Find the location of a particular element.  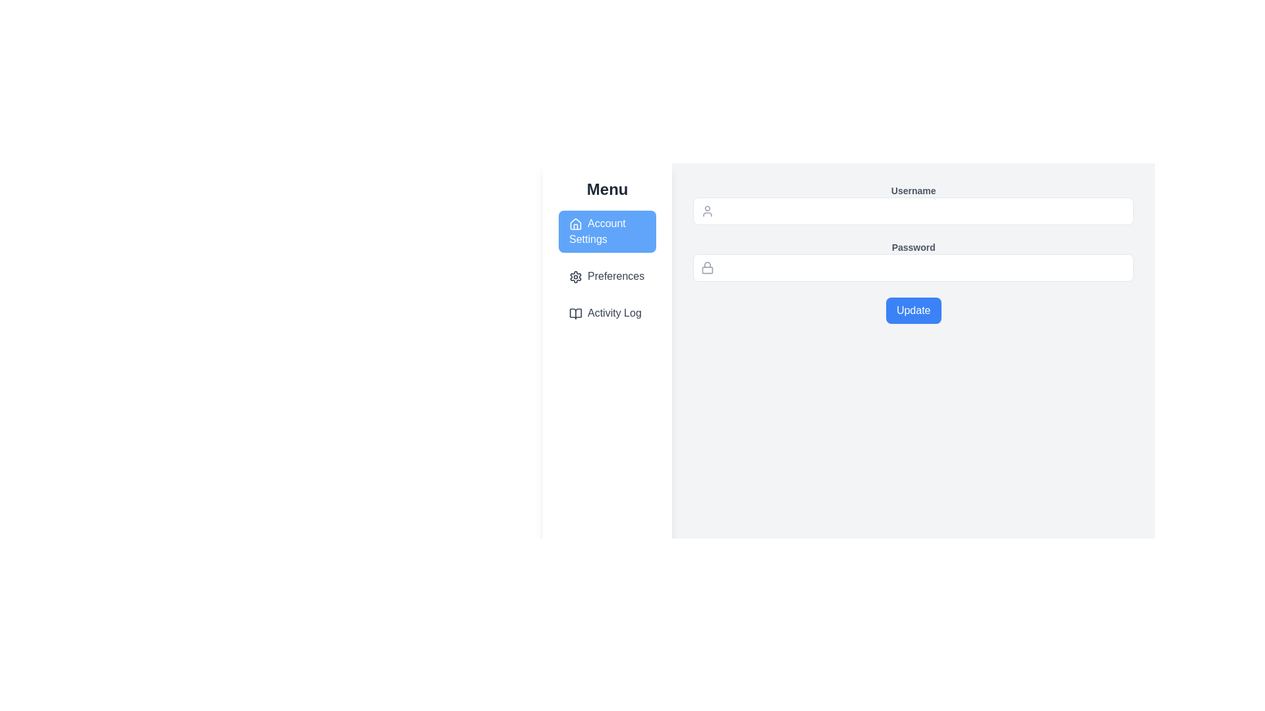

the 'Password' text label, which is styled in bold with a muted gray tone, located above the password input field is located at coordinates (913, 247).